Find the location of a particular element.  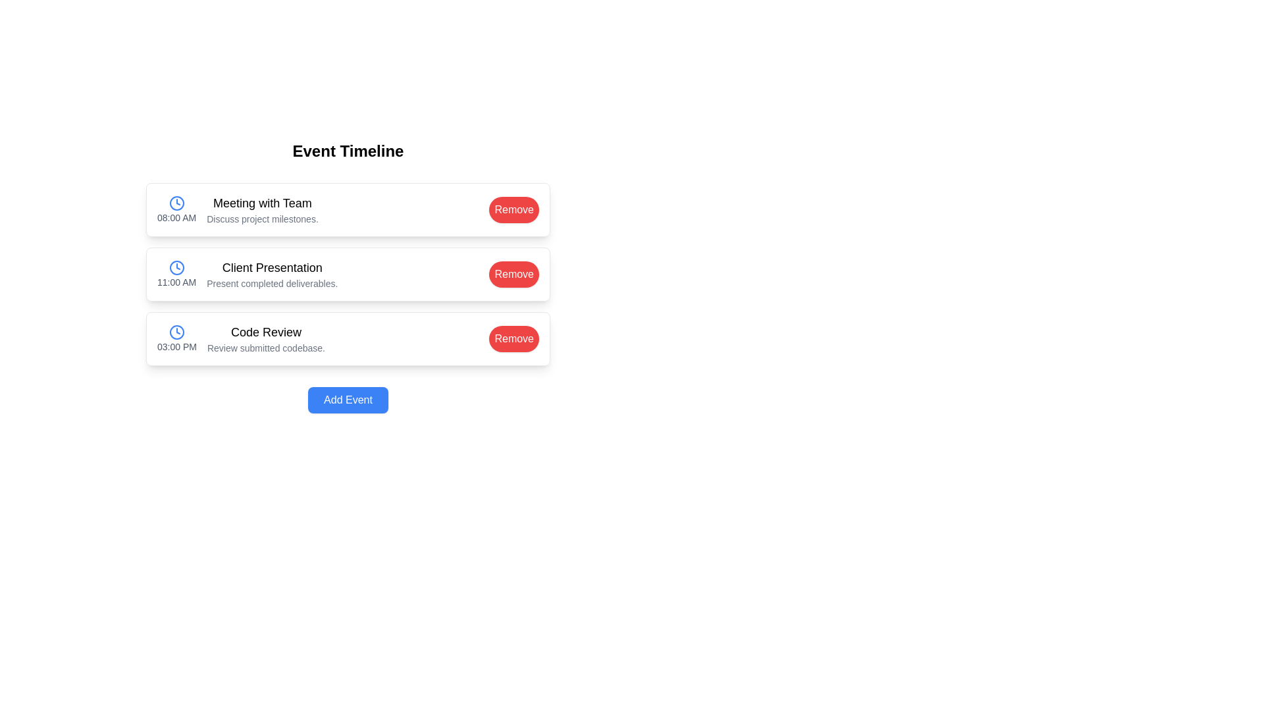

the button located below the last event in the 'Event Timeline' section is located at coordinates (348, 400).